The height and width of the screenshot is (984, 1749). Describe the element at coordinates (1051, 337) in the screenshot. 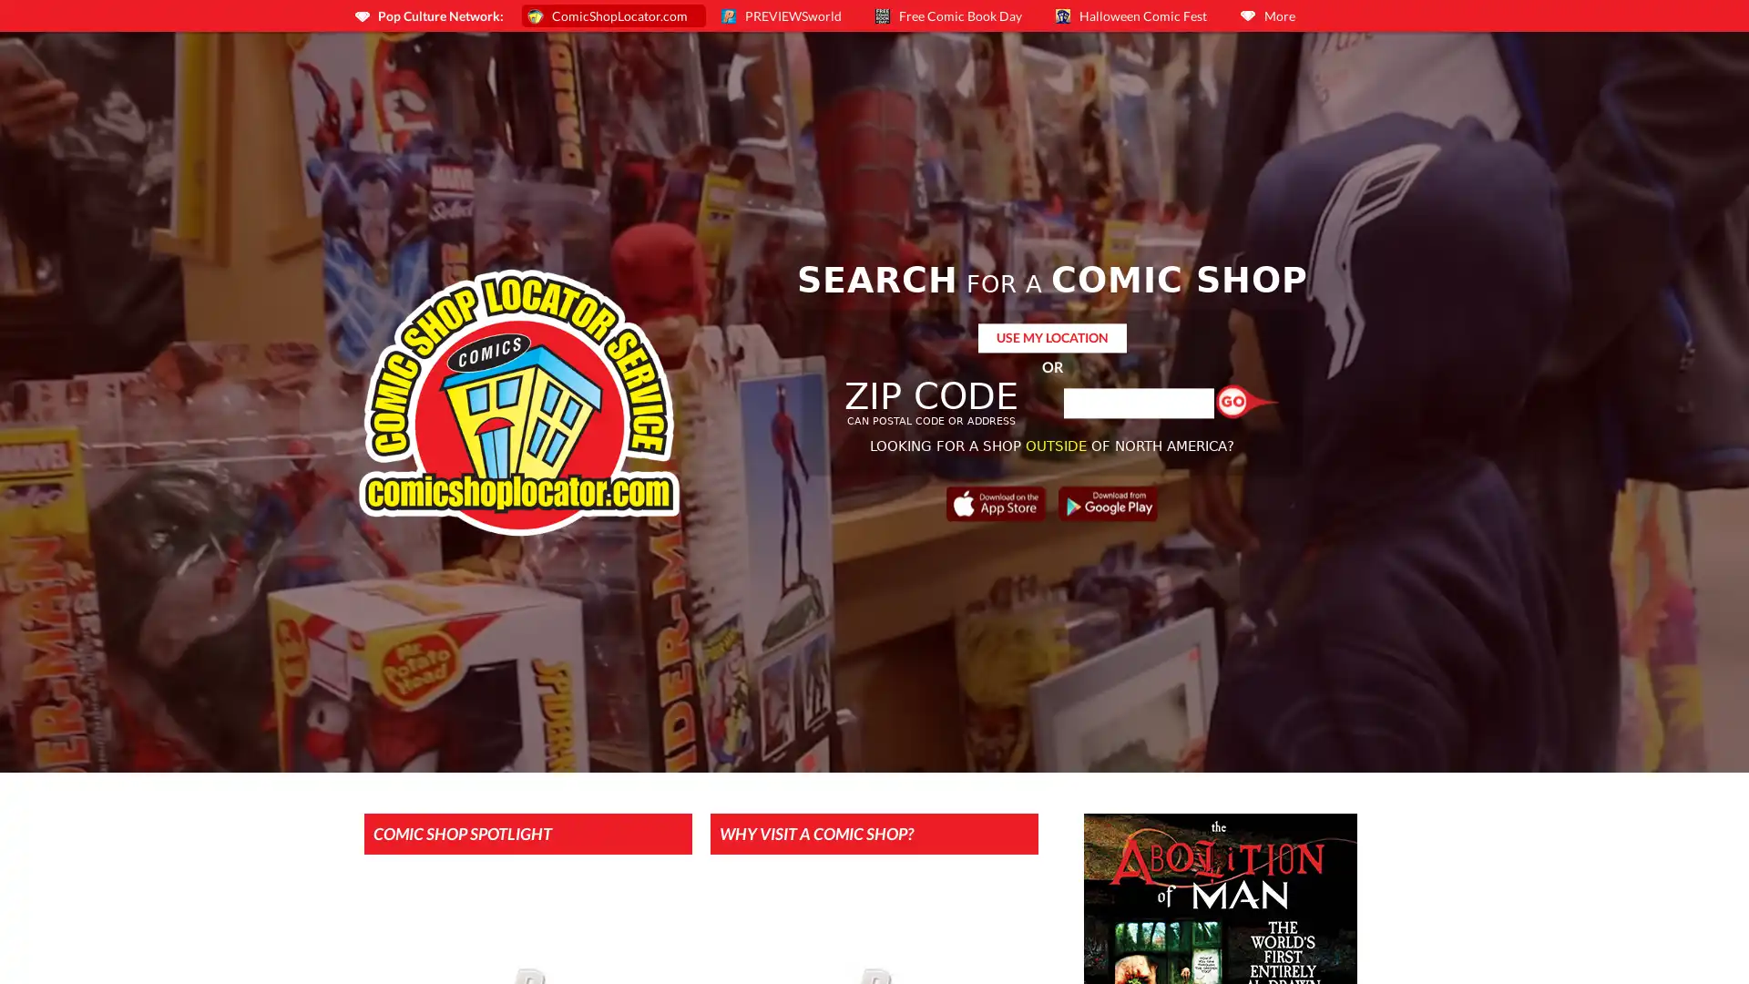

I see `USE MY LOCATION` at that location.